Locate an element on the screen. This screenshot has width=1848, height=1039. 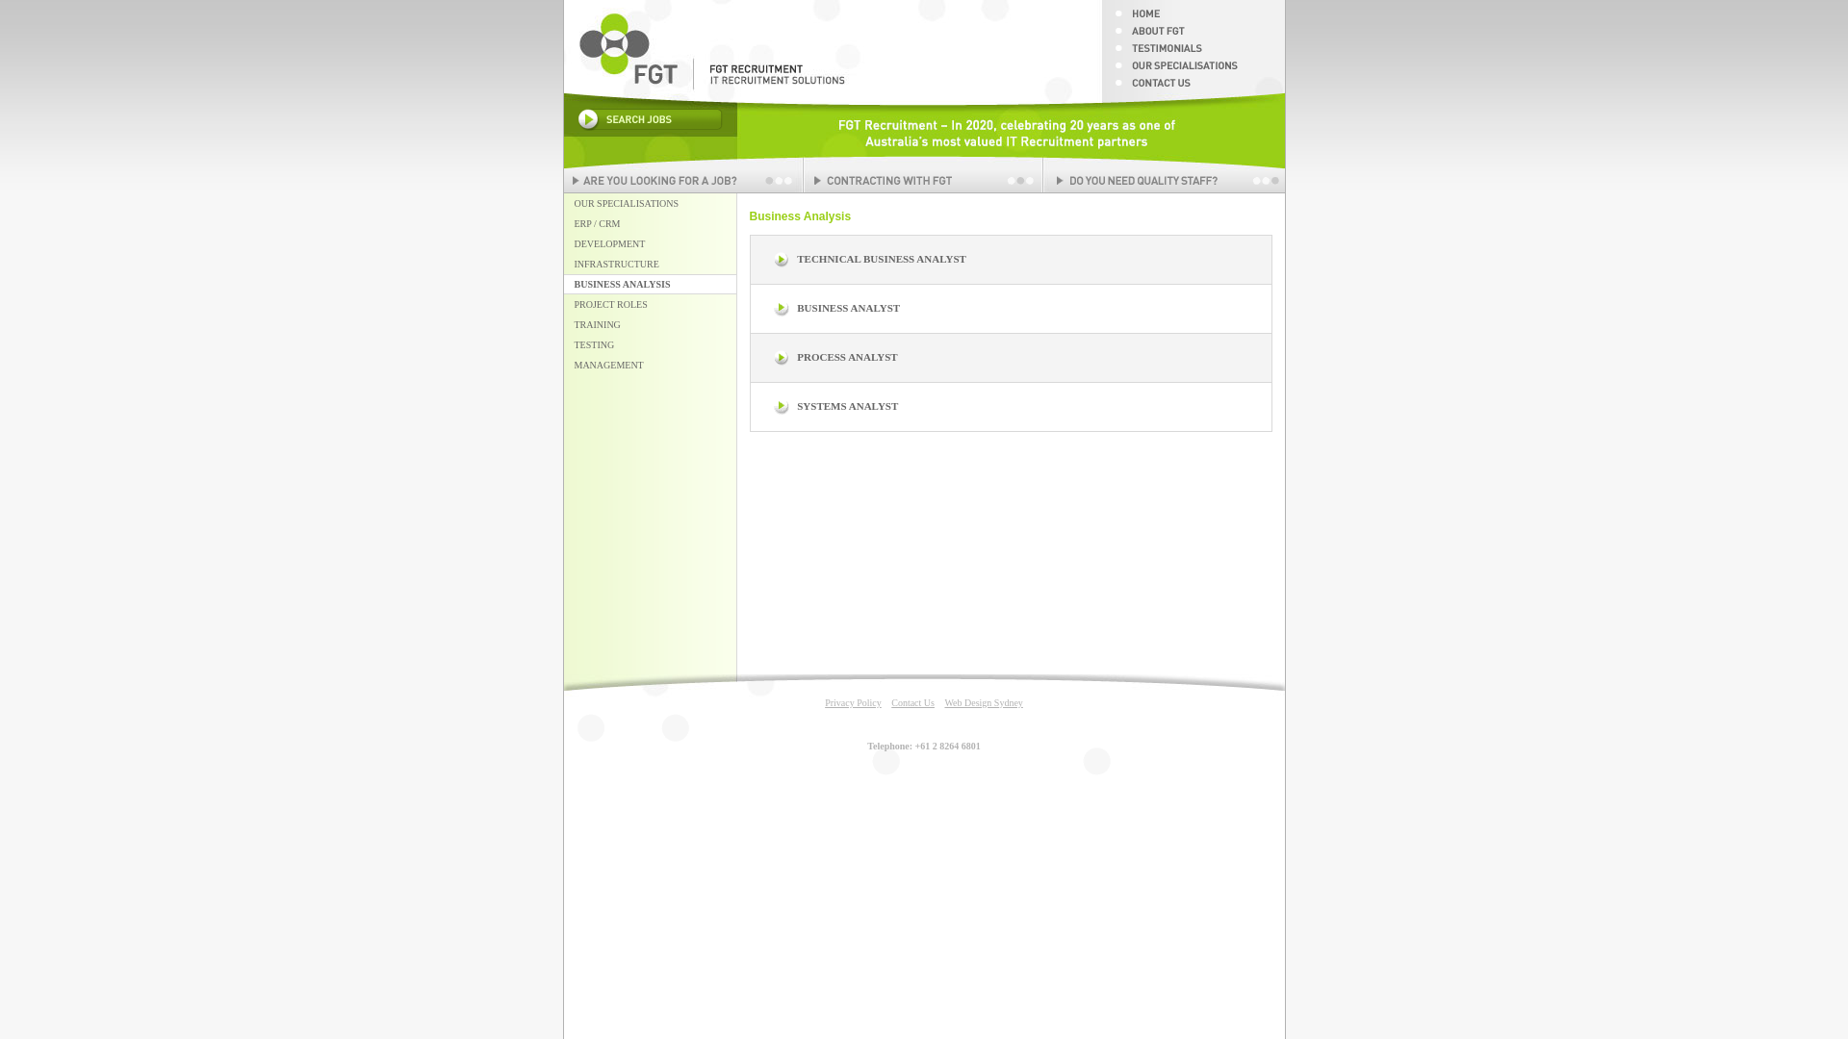
'MANAGEMENT' is located at coordinates (651, 365).